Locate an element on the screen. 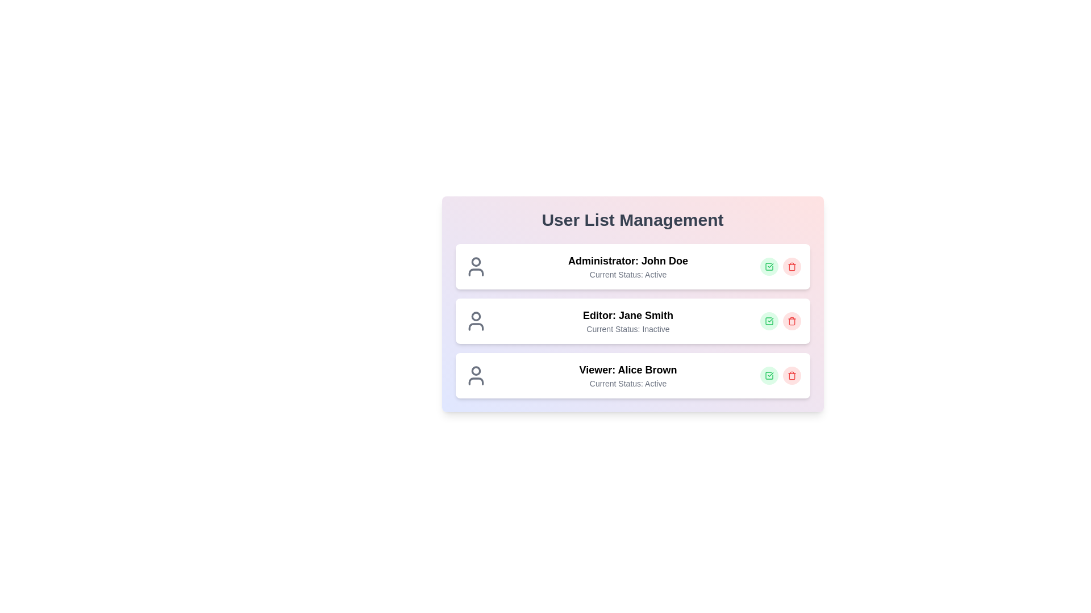  the torso portion of the user icon representing 'Administrator: John Doe' to visually indicate the user account is located at coordinates (476, 272).